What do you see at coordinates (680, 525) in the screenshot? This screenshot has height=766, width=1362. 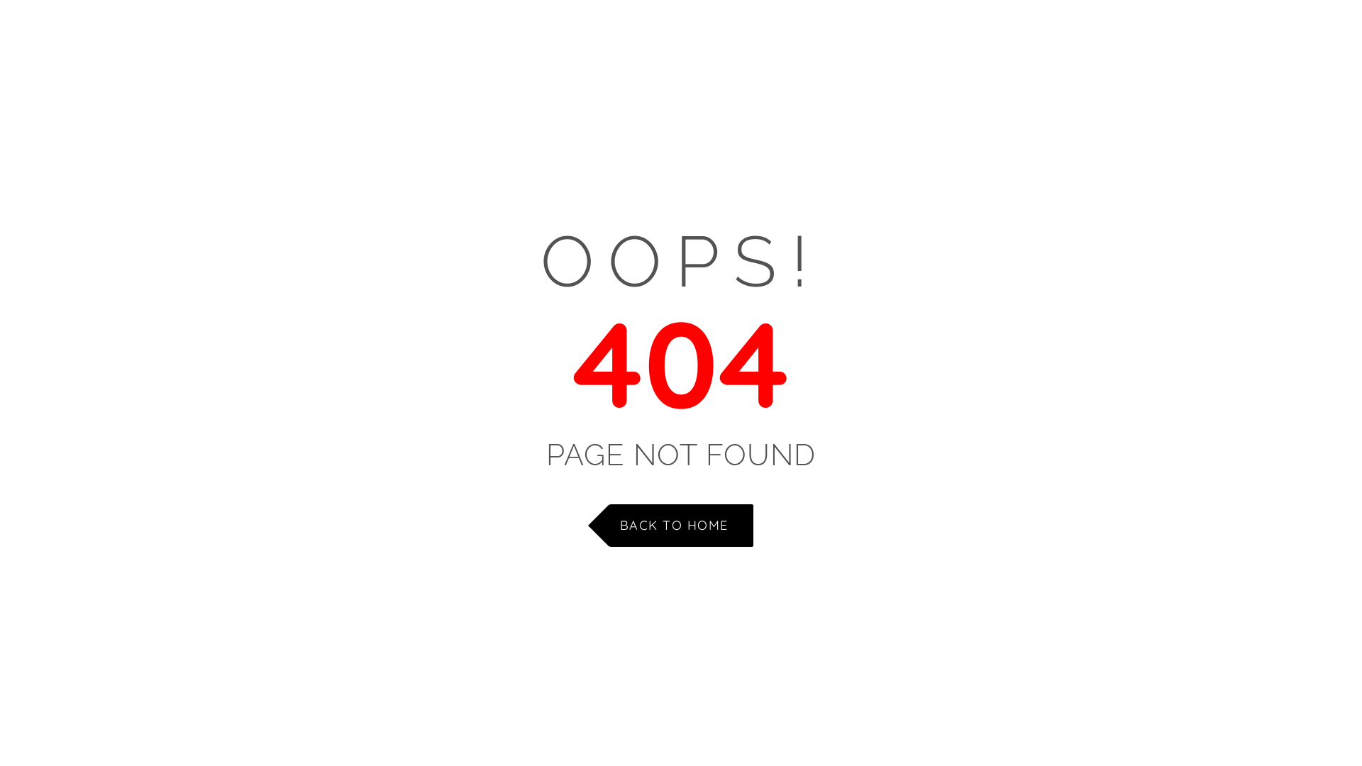 I see `'BACK TO HOME'` at bounding box center [680, 525].